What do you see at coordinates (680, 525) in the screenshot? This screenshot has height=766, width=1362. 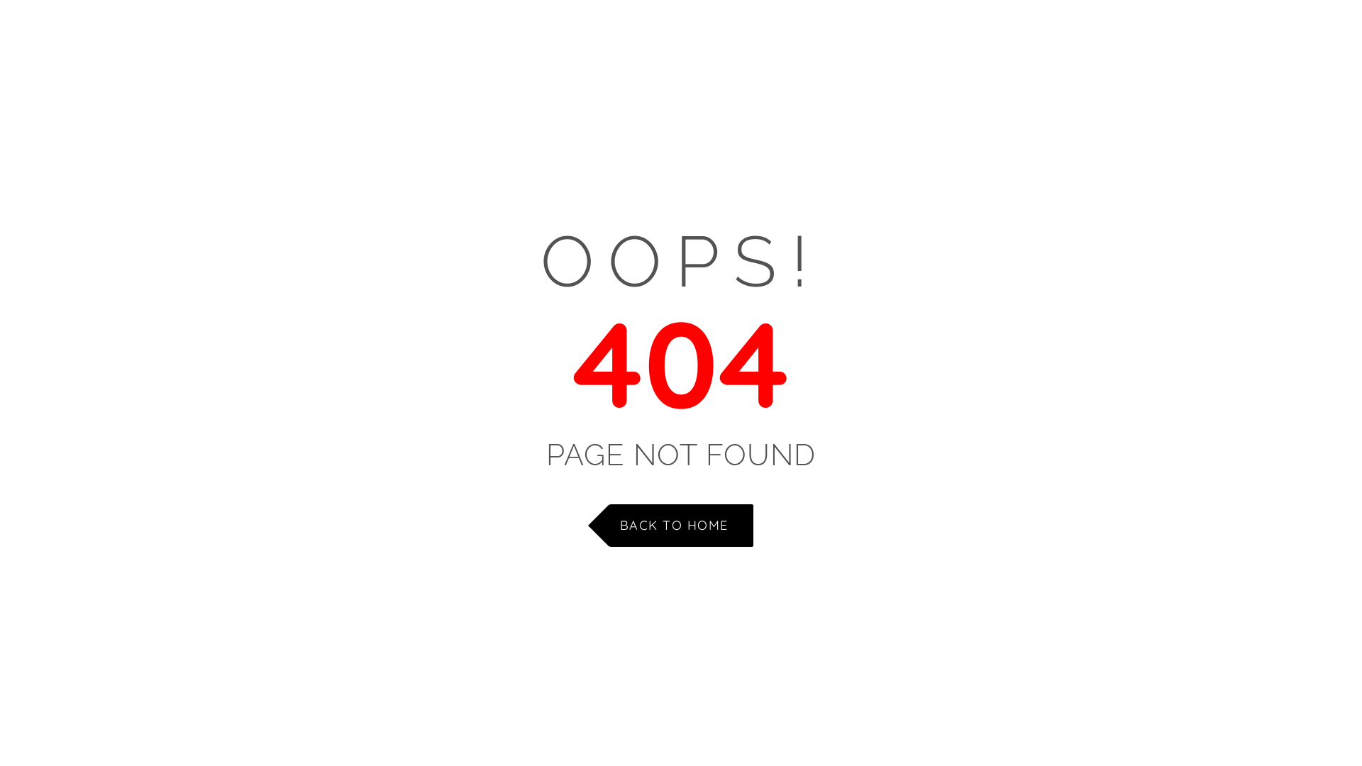 I see `'BACK TO HOME'` at bounding box center [680, 525].